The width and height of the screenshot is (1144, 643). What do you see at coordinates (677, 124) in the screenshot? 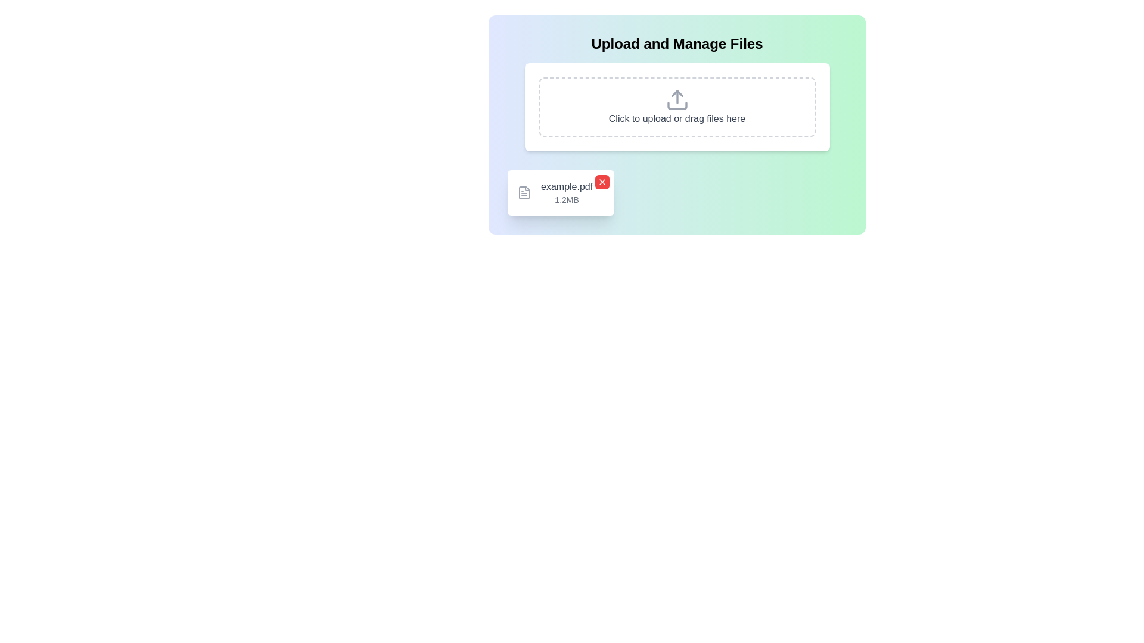
I see `and drop files into the file upload interface that features a gradient background and displays the text 'Click` at bounding box center [677, 124].